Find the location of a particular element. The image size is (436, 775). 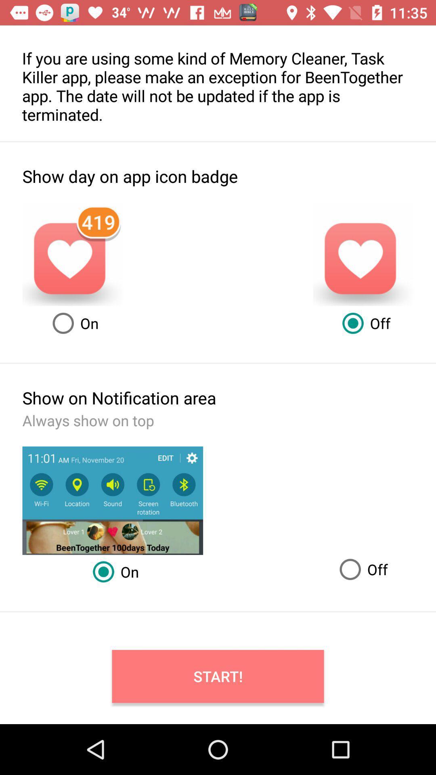

the heart symbol which is showing notifications is located at coordinates (73, 255).